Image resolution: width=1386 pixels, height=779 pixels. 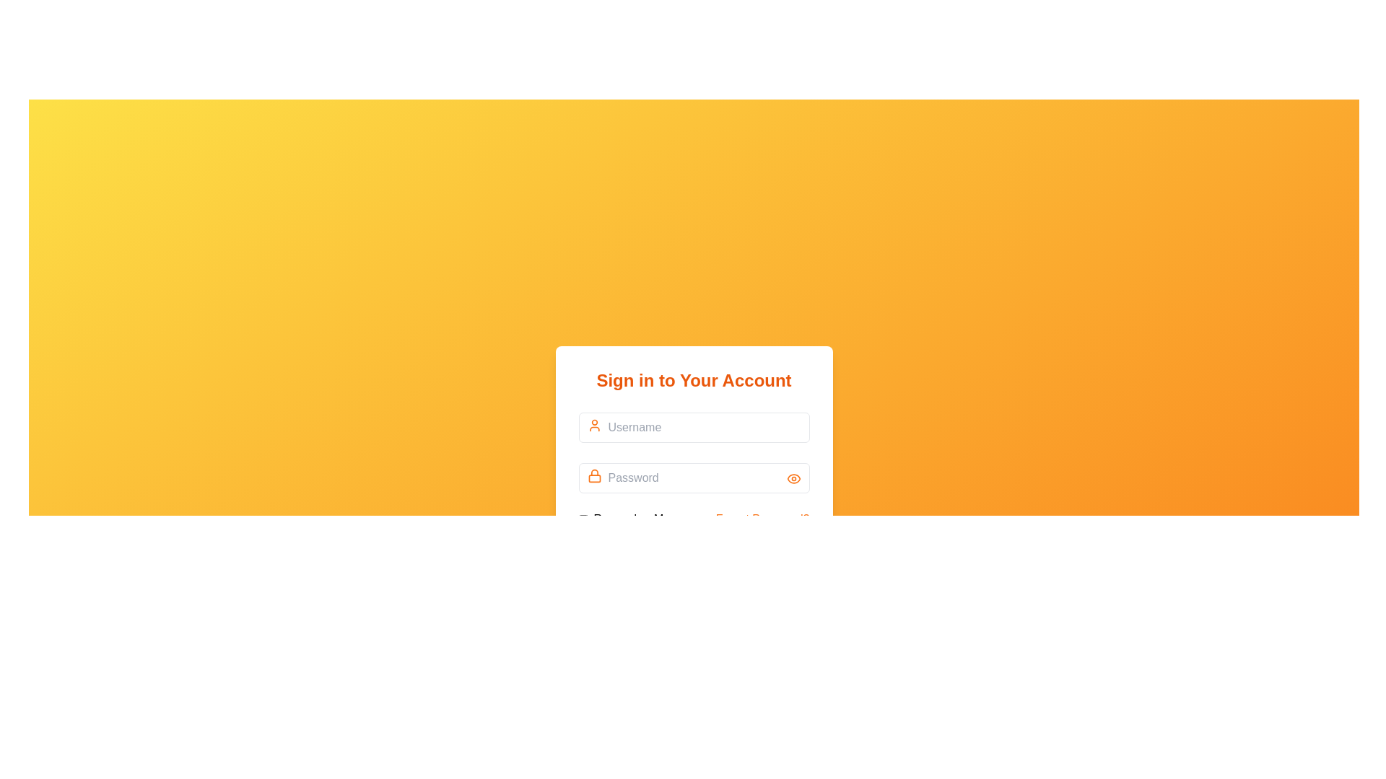 What do you see at coordinates (694, 476) in the screenshot?
I see `the Password input field located below the Username input box in the 'Sign in to Your Account' form` at bounding box center [694, 476].